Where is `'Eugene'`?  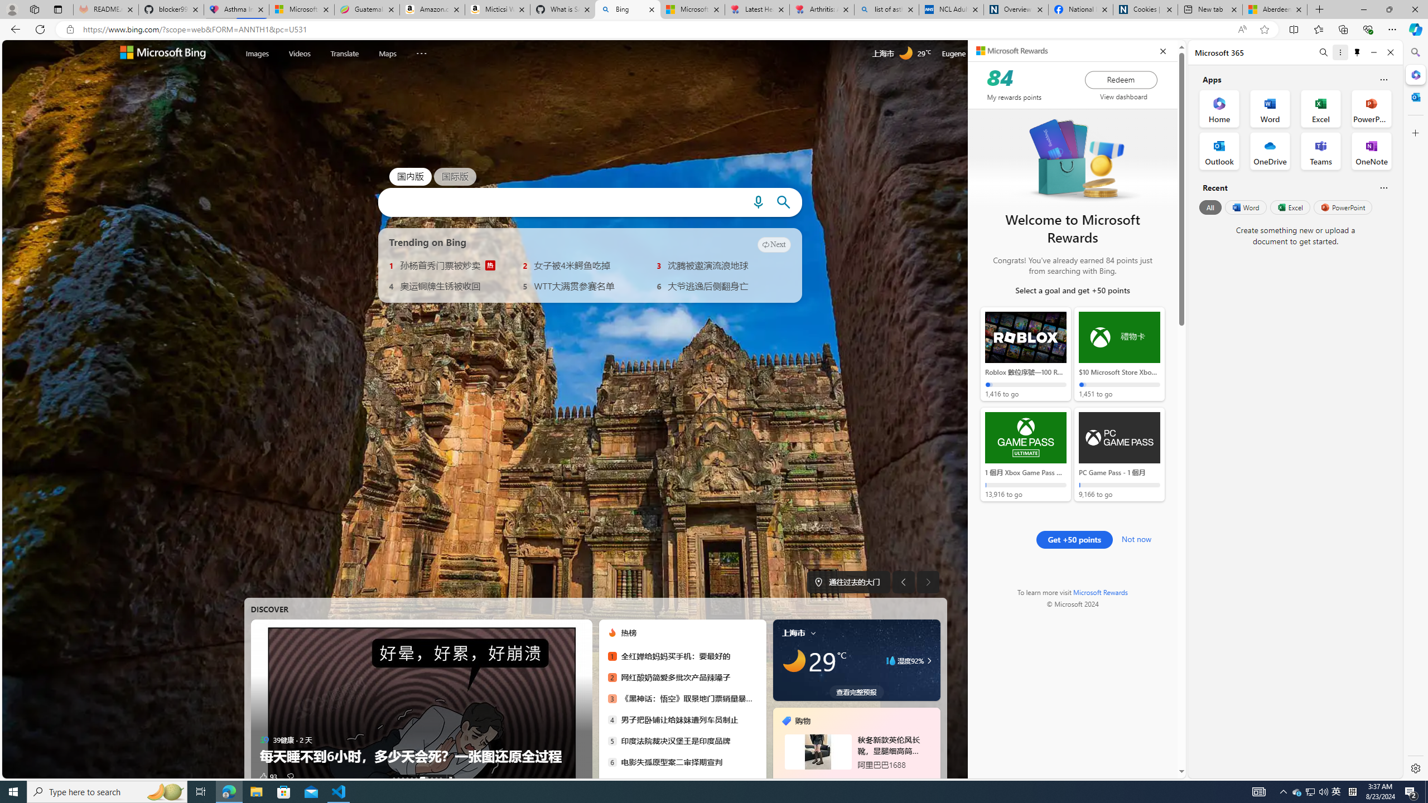
'Eugene' is located at coordinates (968, 53).